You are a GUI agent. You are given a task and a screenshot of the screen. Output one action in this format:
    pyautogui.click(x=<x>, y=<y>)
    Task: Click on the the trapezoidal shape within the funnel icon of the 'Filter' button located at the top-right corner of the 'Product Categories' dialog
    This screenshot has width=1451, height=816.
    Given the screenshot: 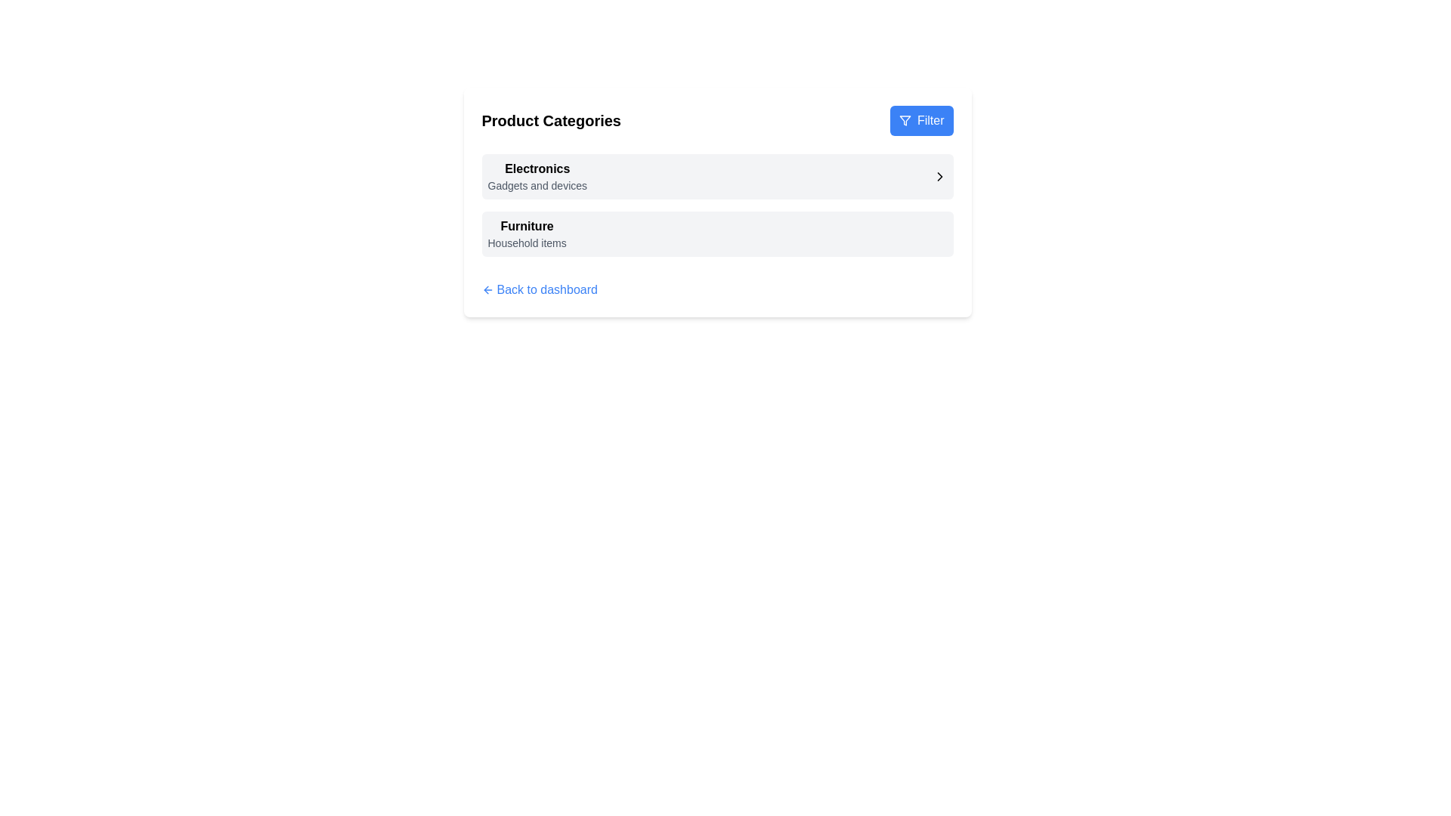 What is the action you would take?
    pyautogui.click(x=905, y=119)
    